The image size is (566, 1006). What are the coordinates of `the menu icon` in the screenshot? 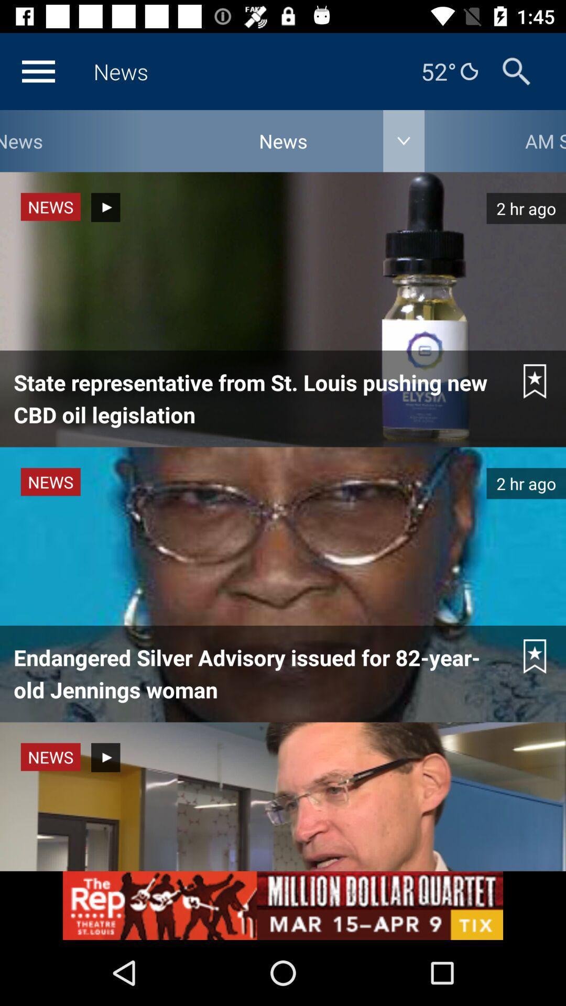 It's located at (38, 71).